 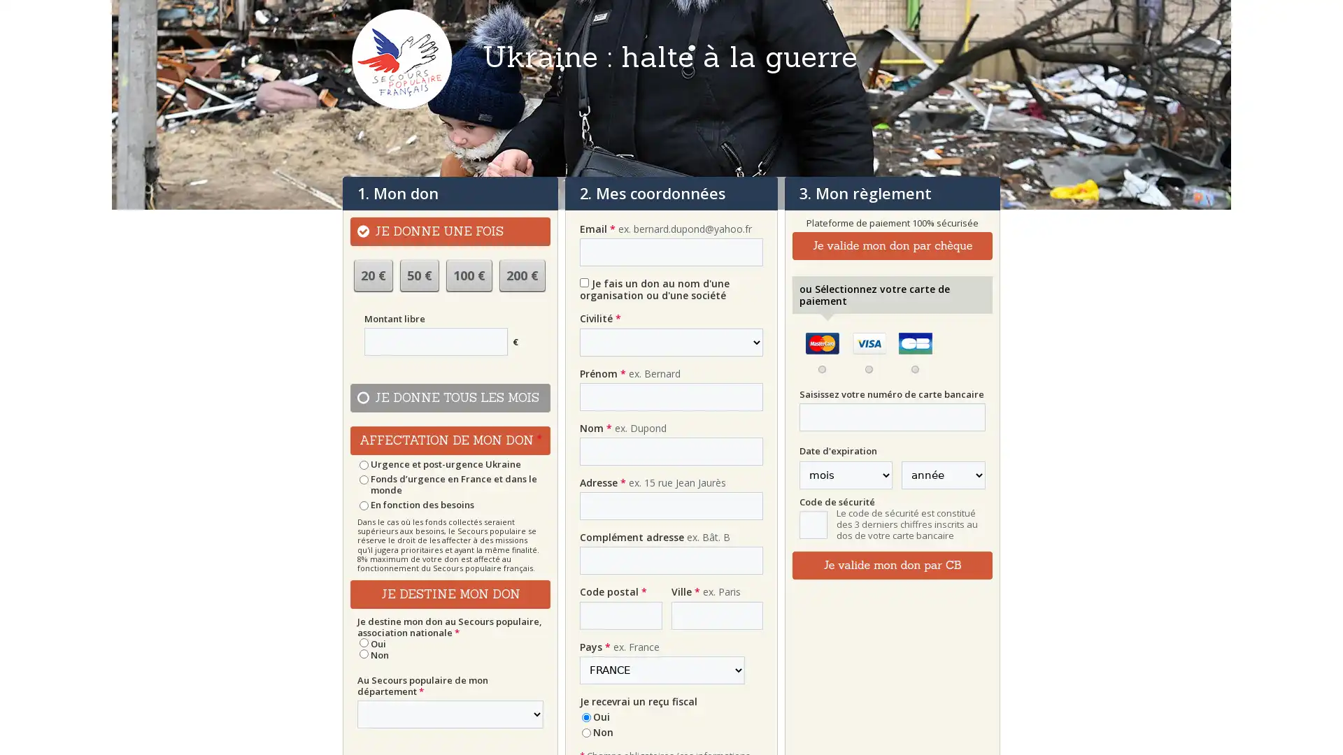 What do you see at coordinates (891, 245) in the screenshot?
I see `Paiement par cheque` at bounding box center [891, 245].